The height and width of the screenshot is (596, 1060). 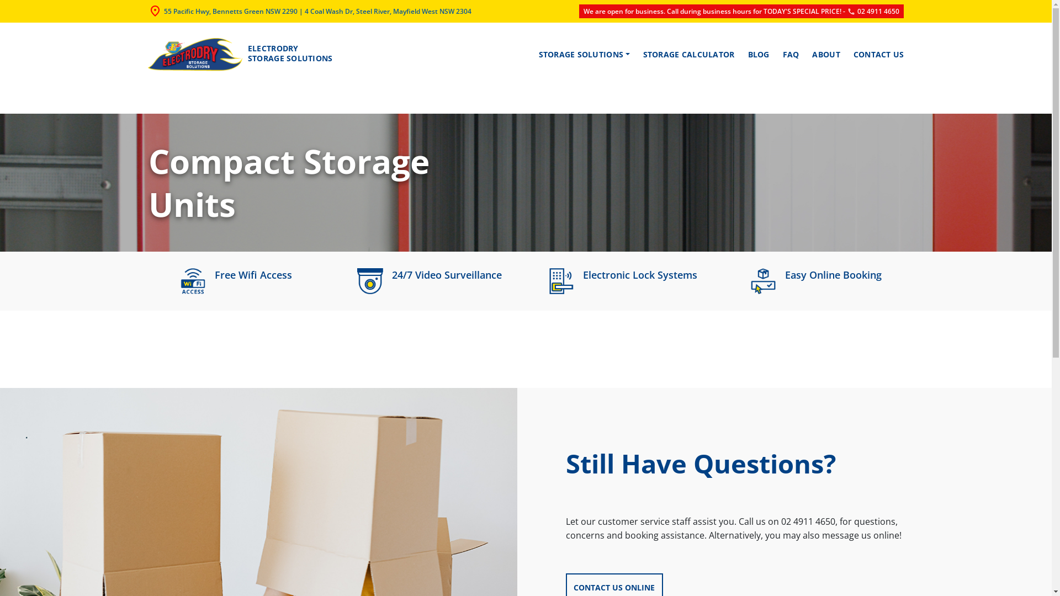 What do you see at coordinates (532, 55) in the screenshot?
I see `'STORAGE SOLUTIONS'` at bounding box center [532, 55].